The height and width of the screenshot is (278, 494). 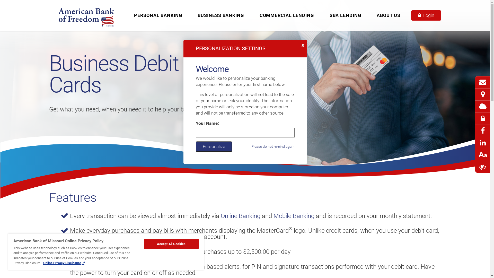 What do you see at coordinates (482, 167) in the screenshot?
I see `'Accessibility Mode'` at bounding box center [482, 167].